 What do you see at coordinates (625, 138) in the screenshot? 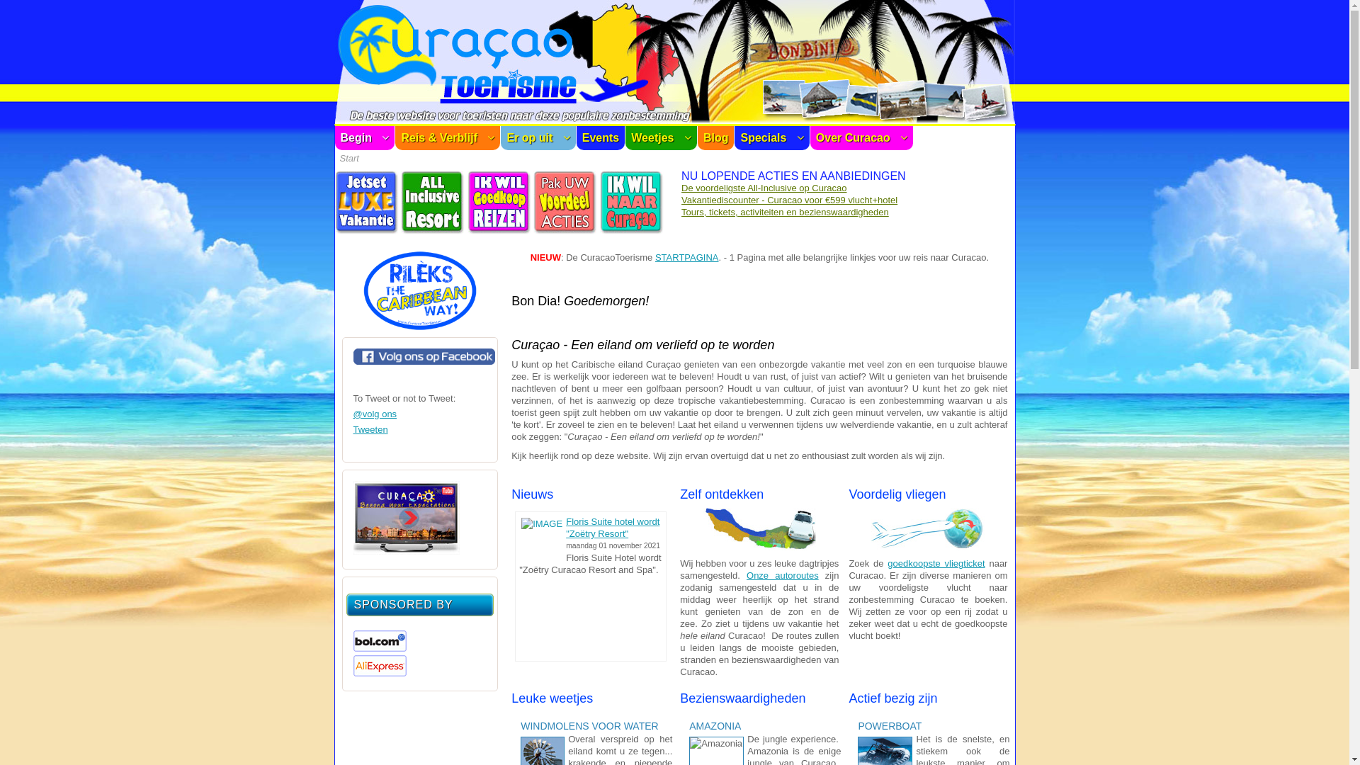
I see `'Weetjes'` at bounding box center [625, 138].